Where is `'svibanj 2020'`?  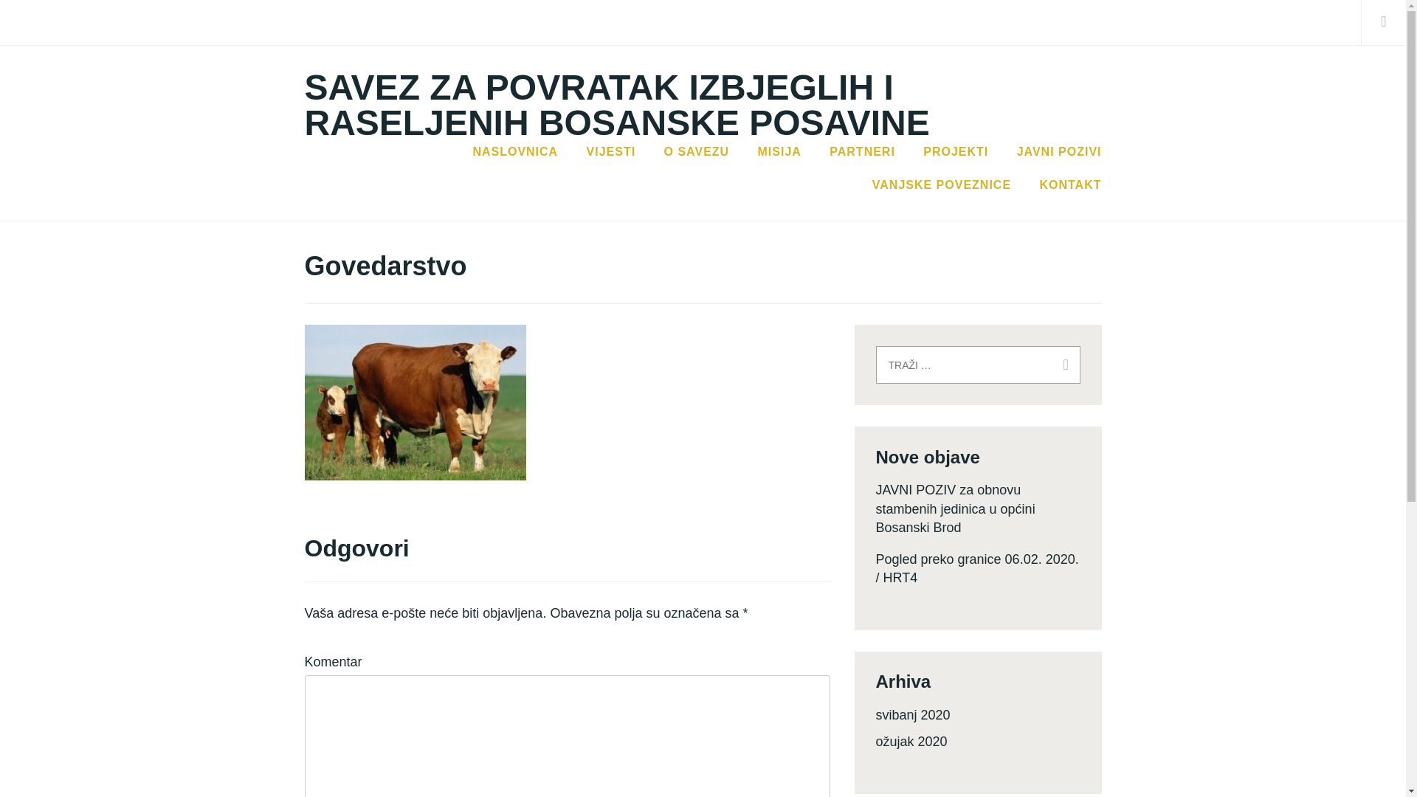
'svibanj 2020' is located at coordinates (911, 714).